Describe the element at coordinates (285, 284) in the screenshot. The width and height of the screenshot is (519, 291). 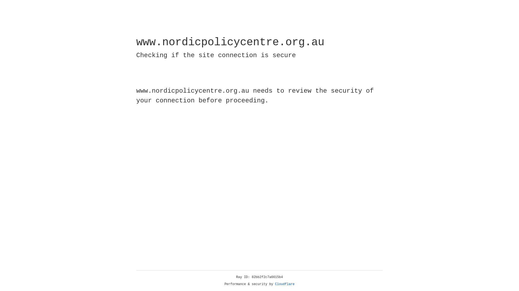
I see `'Cloudflare'` at that location.